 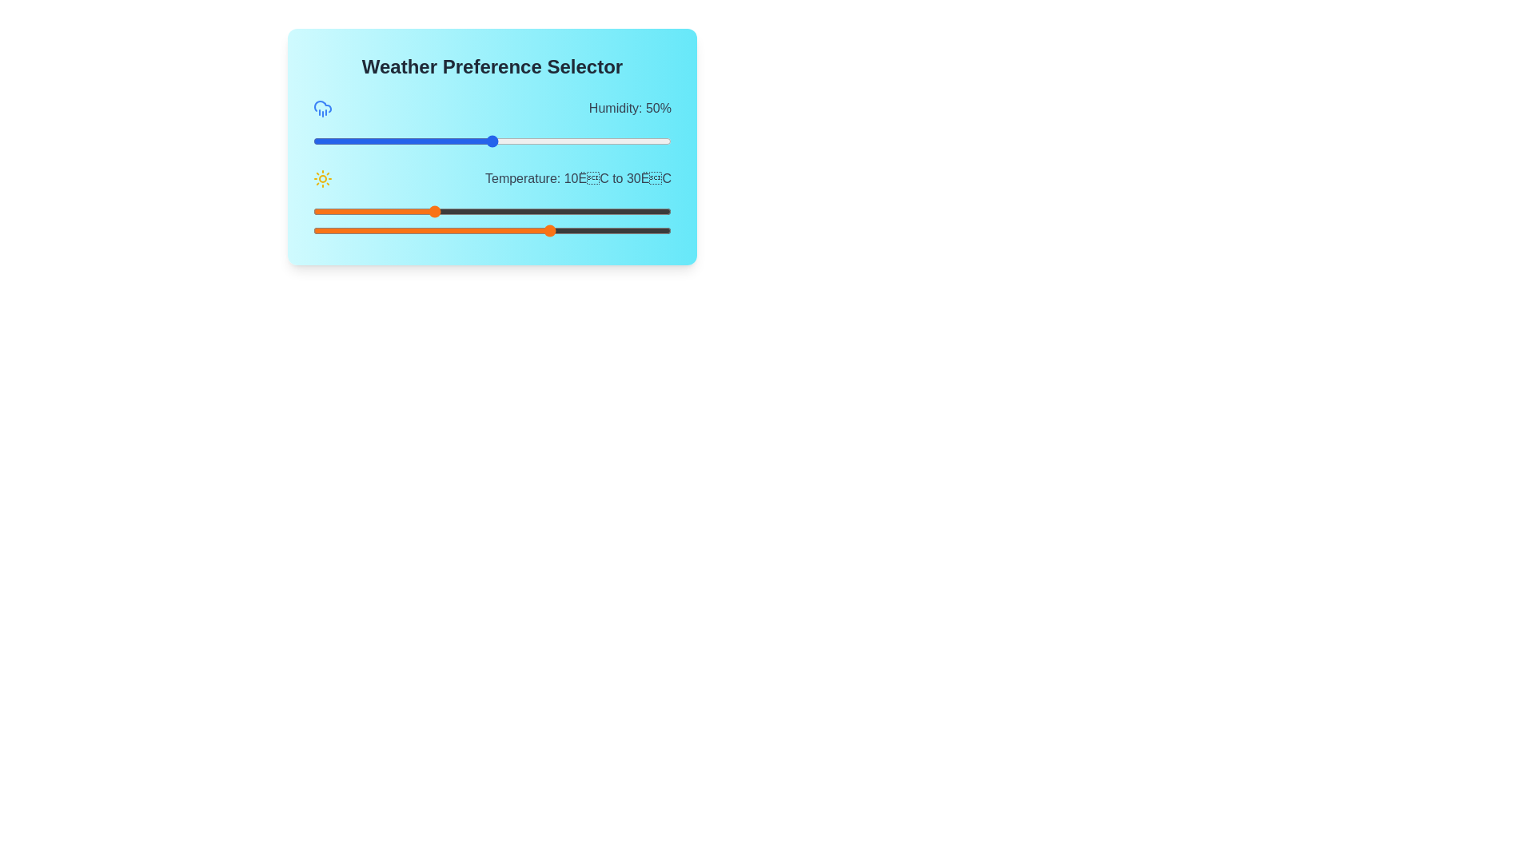 I want to click on the humidity slider to set the humidity level to 88%, so click(x=628, y=141).